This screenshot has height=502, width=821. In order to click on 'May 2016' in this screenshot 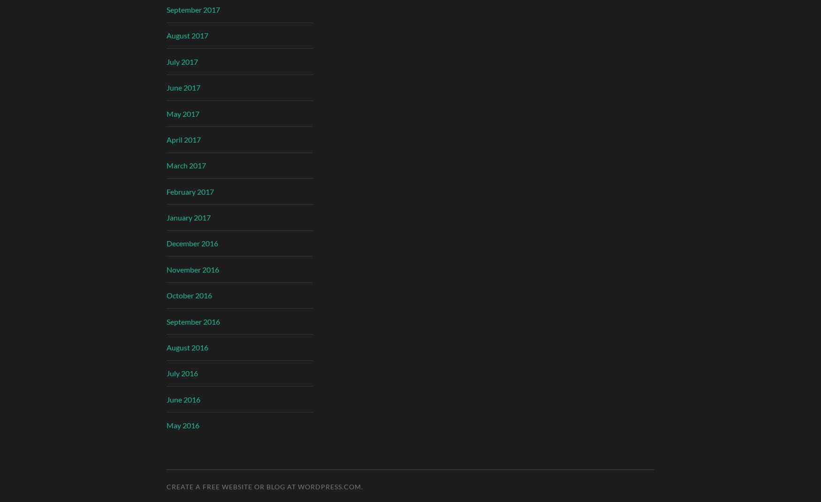, I will do `click(182, 425)`.